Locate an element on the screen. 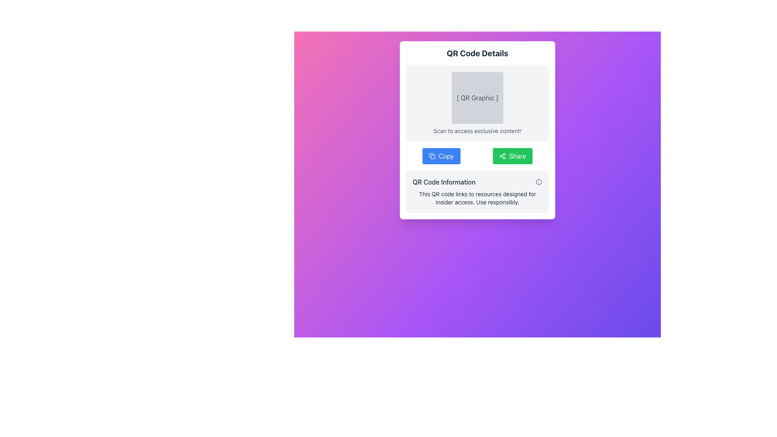  the text label that serves as a descriptive piece of text for the QR graphic, located within the top section of the 'QR Code Details' card is located at coordinates (478, 98).